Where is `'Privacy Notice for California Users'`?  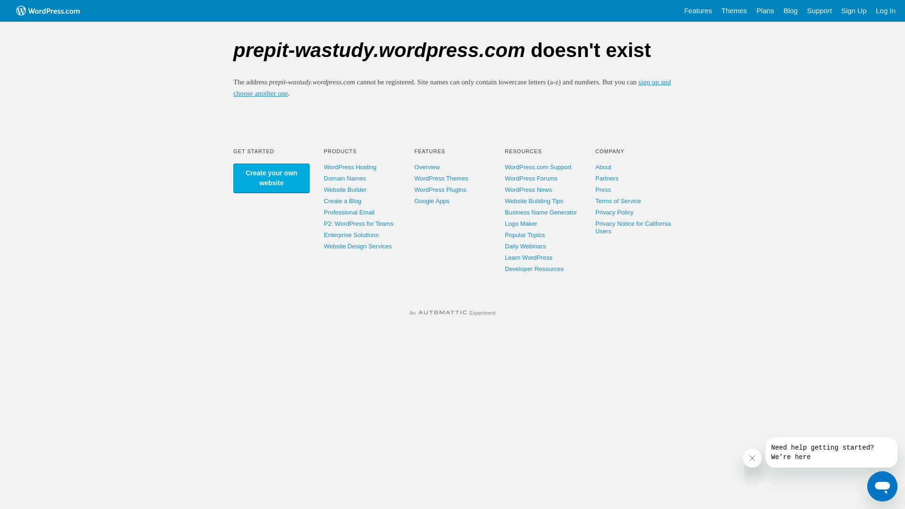 'Privacy Notice for California Users' is located at coordinates (633, 227).